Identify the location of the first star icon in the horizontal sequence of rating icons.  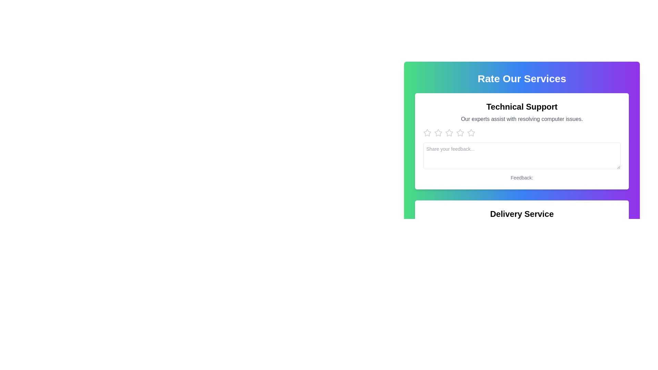
(427, 133).